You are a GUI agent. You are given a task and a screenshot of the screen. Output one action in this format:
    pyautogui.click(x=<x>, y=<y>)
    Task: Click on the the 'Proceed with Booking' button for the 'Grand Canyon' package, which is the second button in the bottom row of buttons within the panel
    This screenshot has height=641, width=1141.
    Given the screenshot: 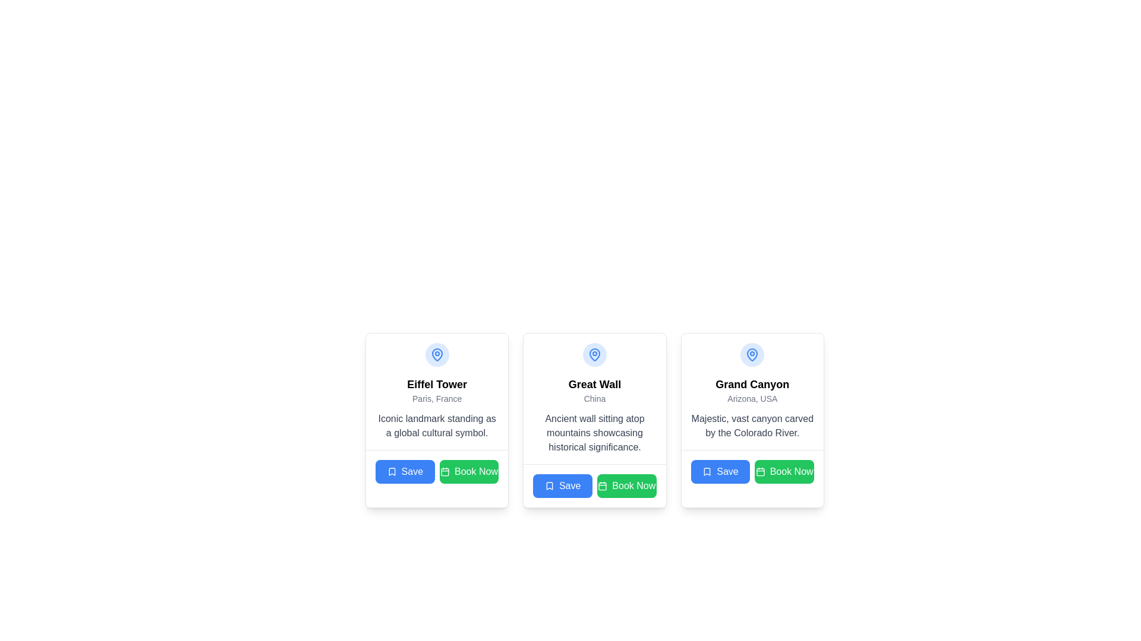 What is the action you would take?
    pyautogui.click(x=784, y=471)
    